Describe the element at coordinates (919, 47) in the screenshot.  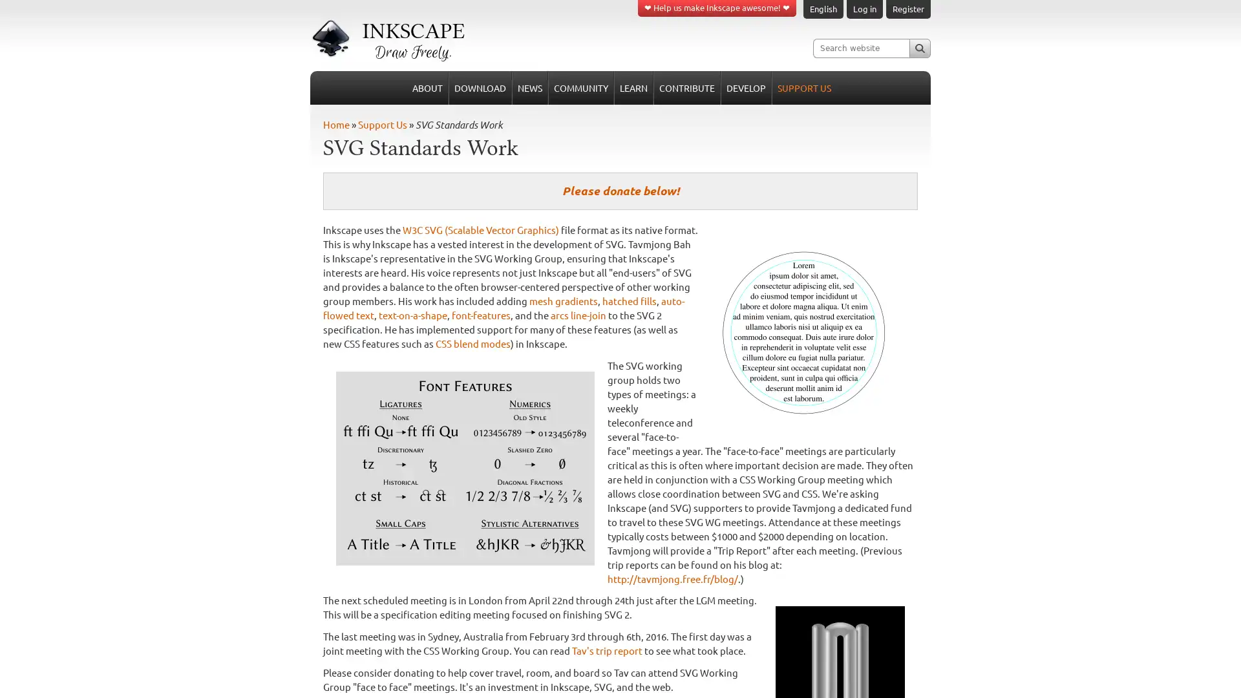
I see `Search` at that location.